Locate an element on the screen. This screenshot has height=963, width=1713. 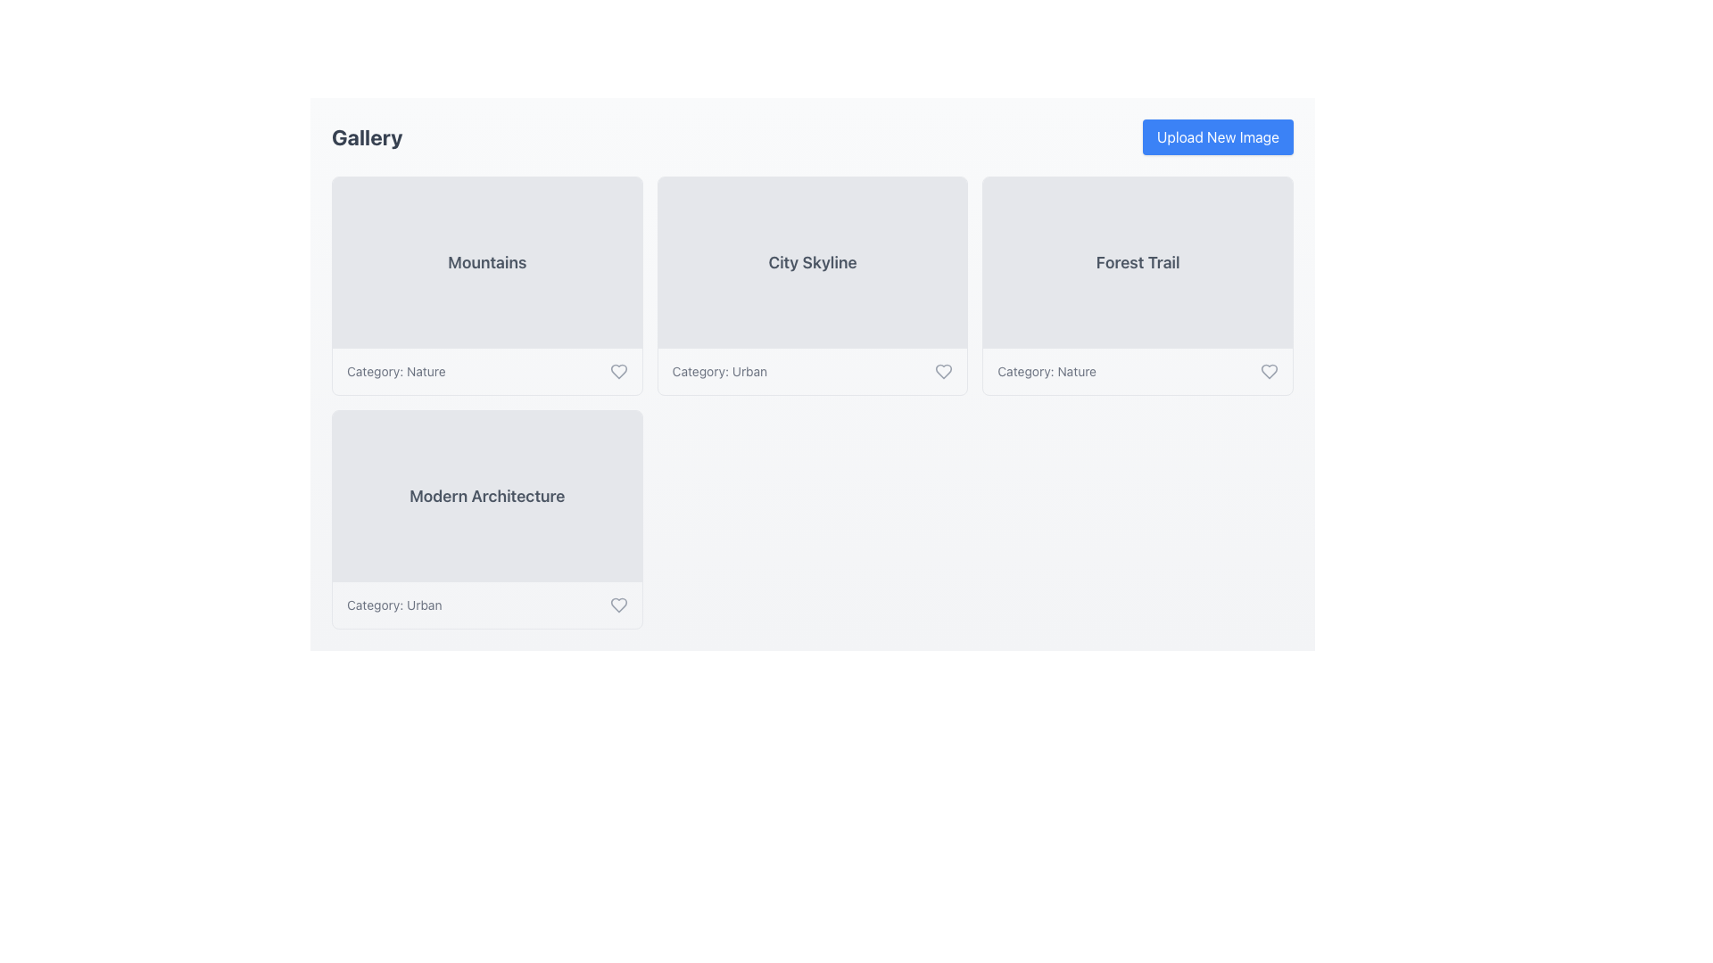
the static text display labeled 'Modern Architecture' which is located beneath the 'Gallery' label in the grid layout is located at coordinates (487, 496).